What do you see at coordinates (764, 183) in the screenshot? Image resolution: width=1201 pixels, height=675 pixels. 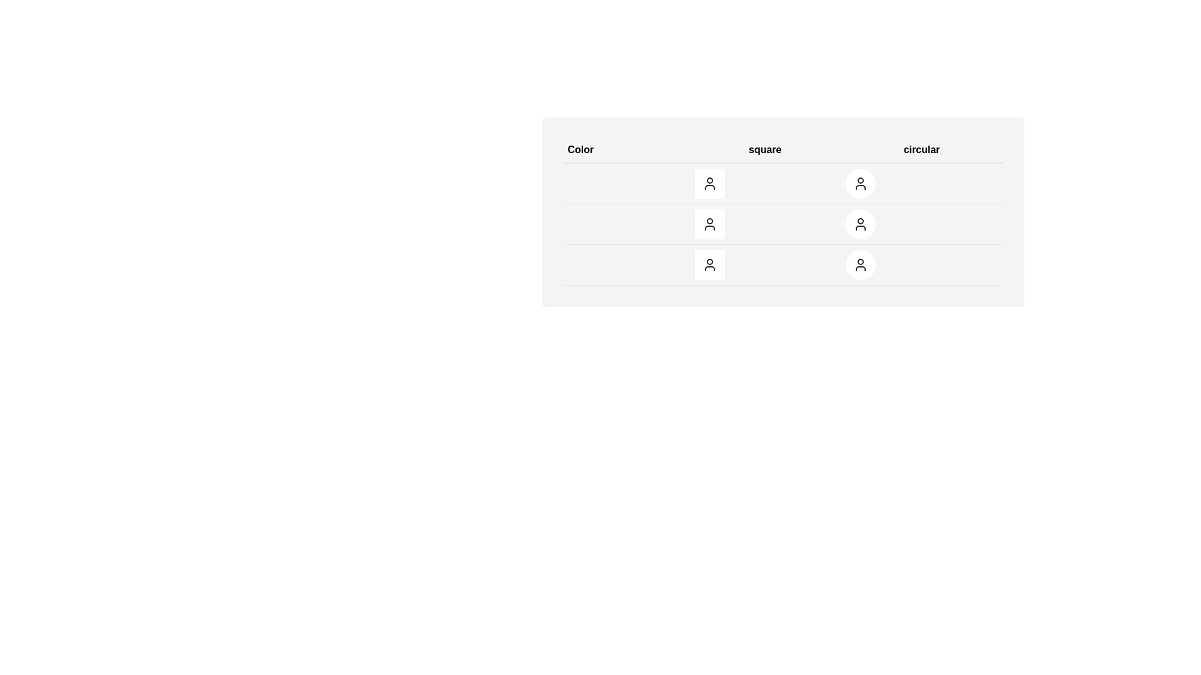 I see `the placeholder or spacer element located in the second column and second row of the table, which is used for alignment and spacing within the grid layout` at bounding box center [764, 183].